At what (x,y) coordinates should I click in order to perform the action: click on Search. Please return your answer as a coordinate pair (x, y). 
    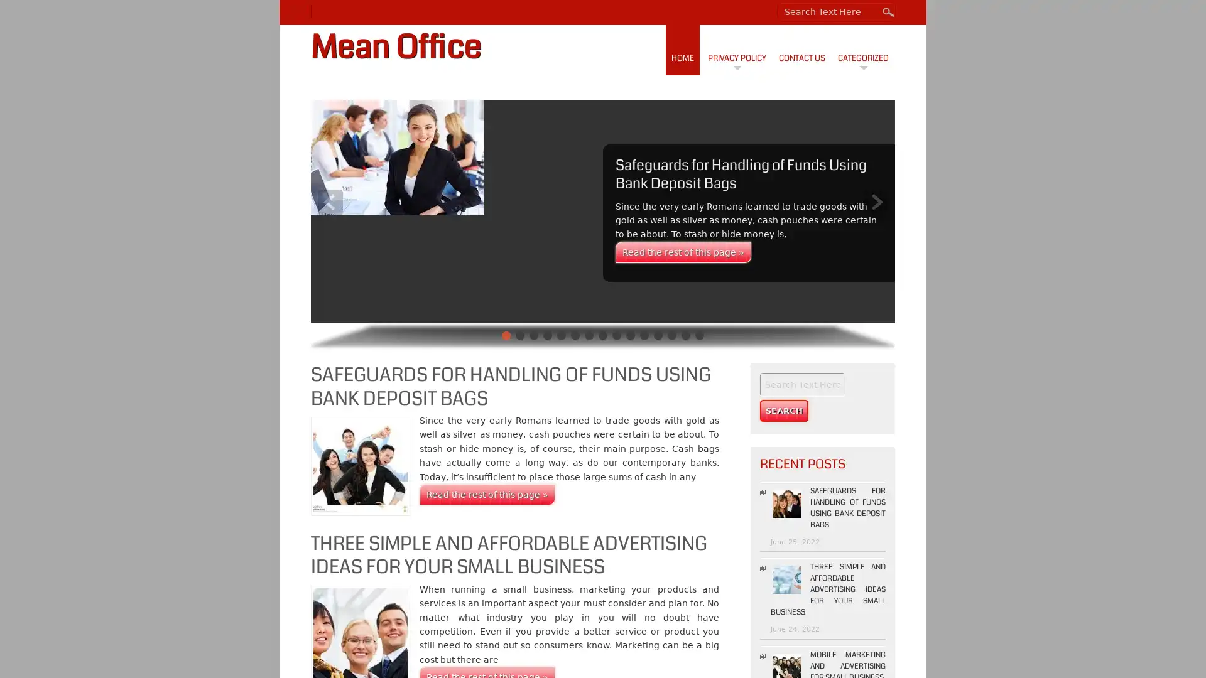
    Looking at the image, I should click on (783, 411).